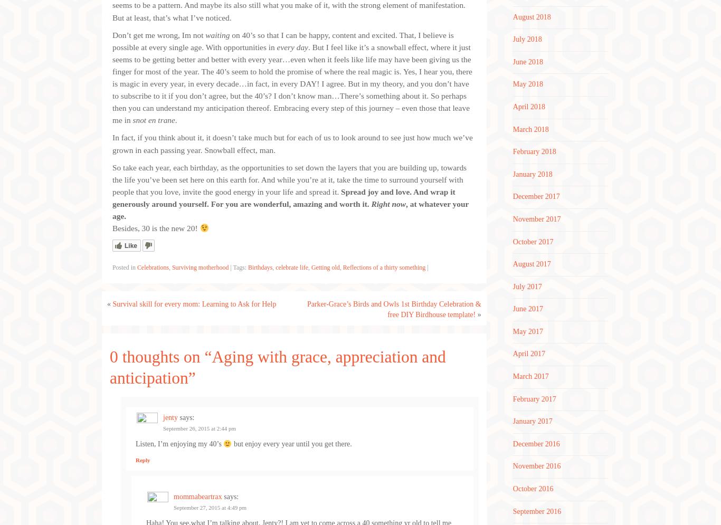 Image resolution: width=721 pixels, height=525 pixels. I want to click on 'October 2017', so click(533, 241).